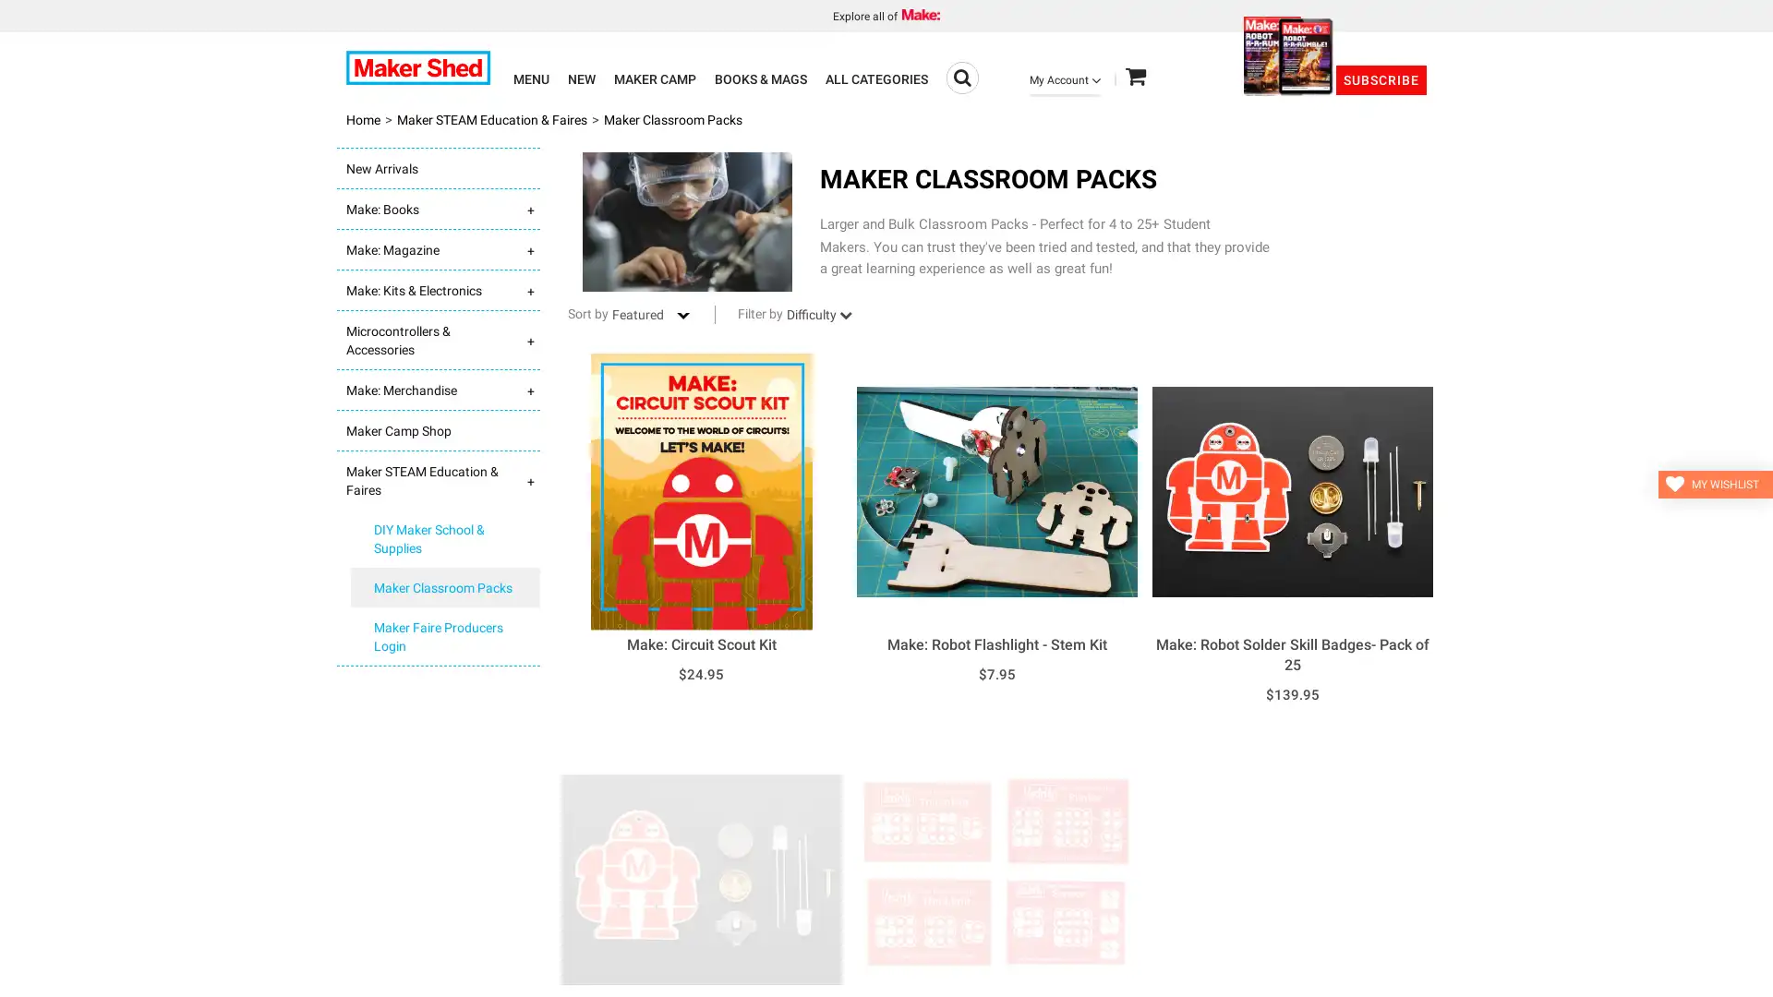  I want to click on Difficulty, so click(828, 313).